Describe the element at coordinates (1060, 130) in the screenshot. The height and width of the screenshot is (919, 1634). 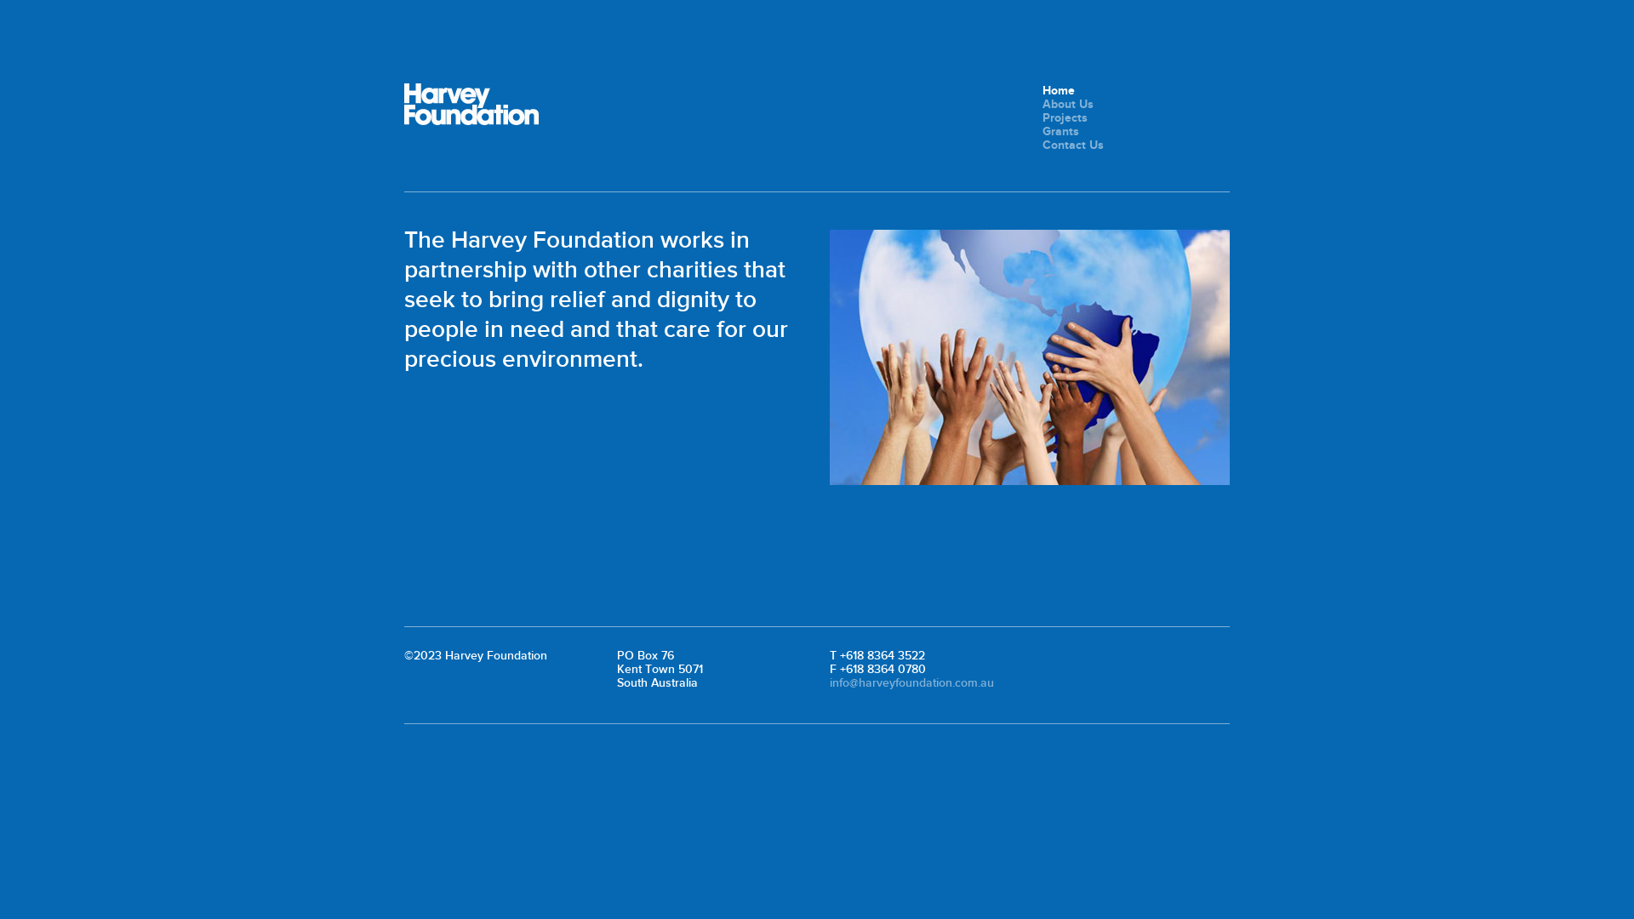
I see `'Grants'` at that location.